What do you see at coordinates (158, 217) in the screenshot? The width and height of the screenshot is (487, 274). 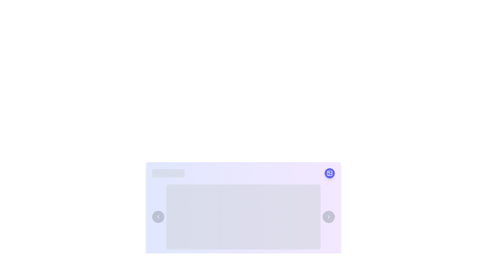 I see `the circular button with a gray background and a white chevron icon pointing left` at bounding box center [158, 217].